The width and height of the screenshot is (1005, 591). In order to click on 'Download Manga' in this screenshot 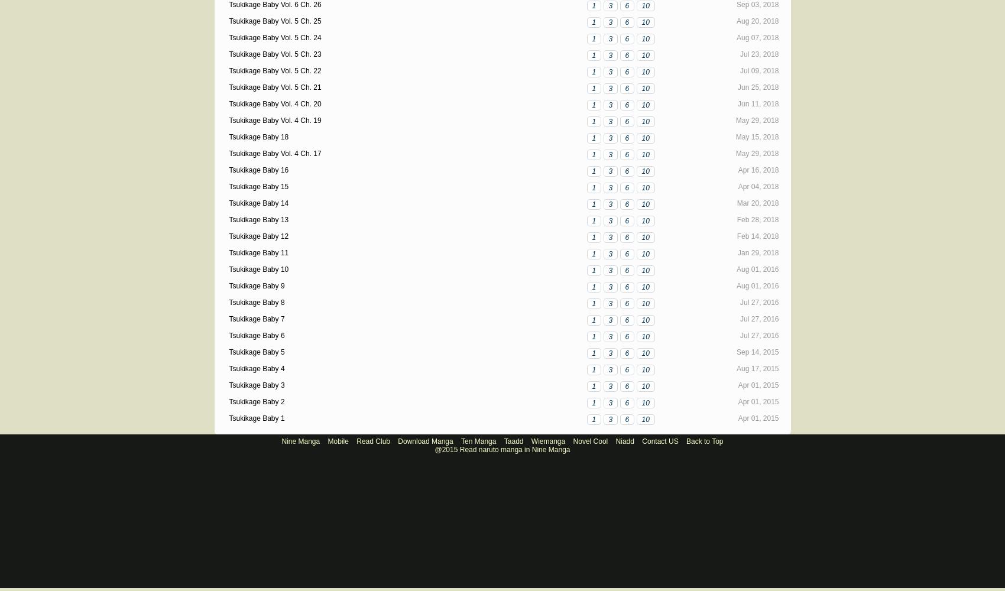, I will do `click(425, 441)`.